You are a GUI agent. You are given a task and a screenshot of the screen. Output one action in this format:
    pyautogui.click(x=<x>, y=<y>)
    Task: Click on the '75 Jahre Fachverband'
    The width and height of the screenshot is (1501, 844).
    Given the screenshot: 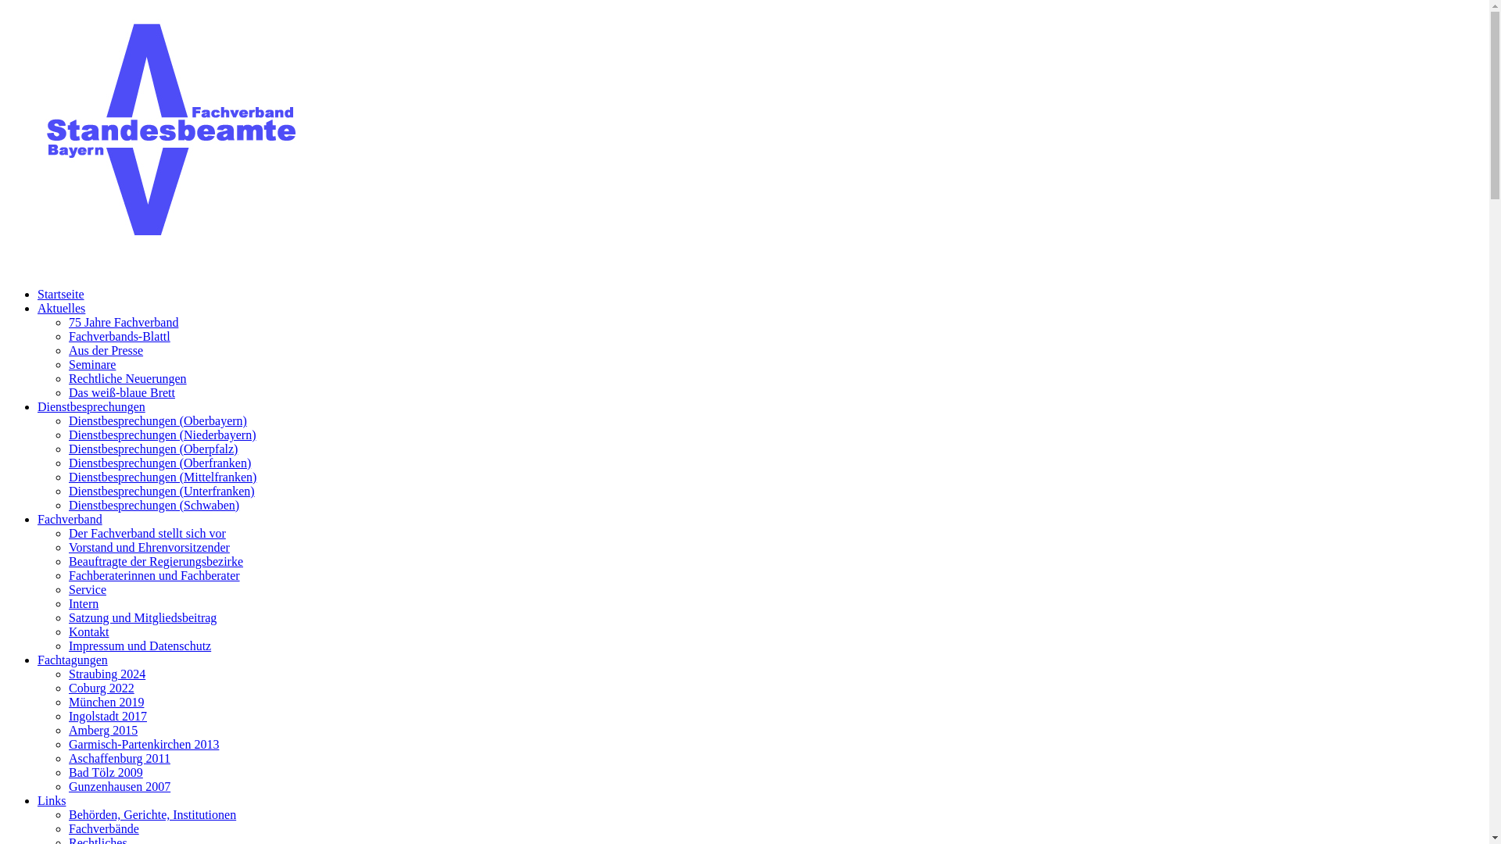 What is the action you would take?
    pyautogui.click(x=123, y=321)
    